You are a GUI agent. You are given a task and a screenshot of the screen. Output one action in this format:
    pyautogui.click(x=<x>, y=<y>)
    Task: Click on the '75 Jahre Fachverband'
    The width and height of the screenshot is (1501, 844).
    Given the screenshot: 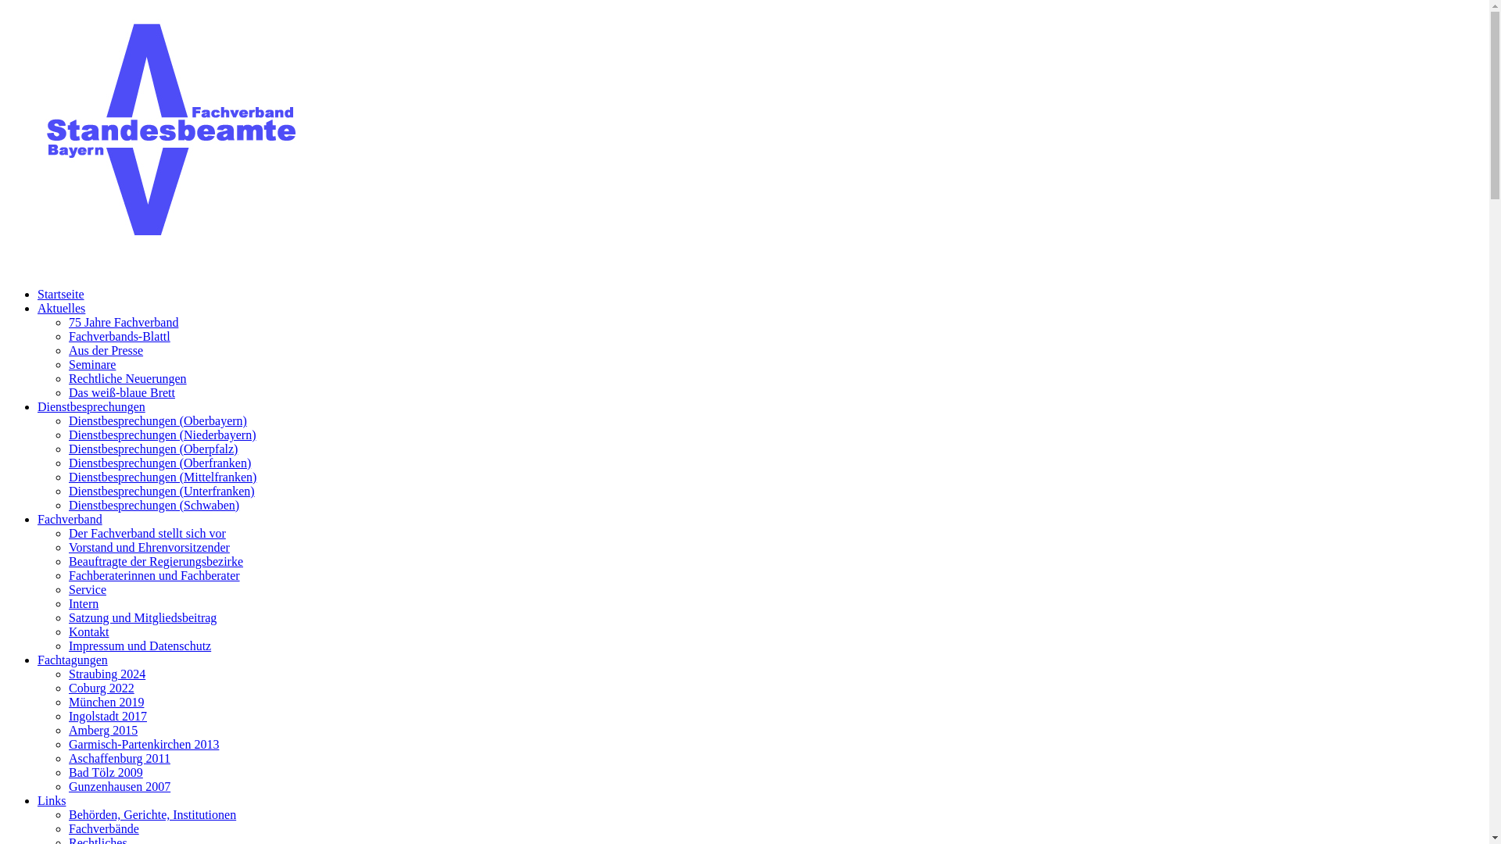 What is the action you would take?
    pyautogui.click(x=123, y=321)
    